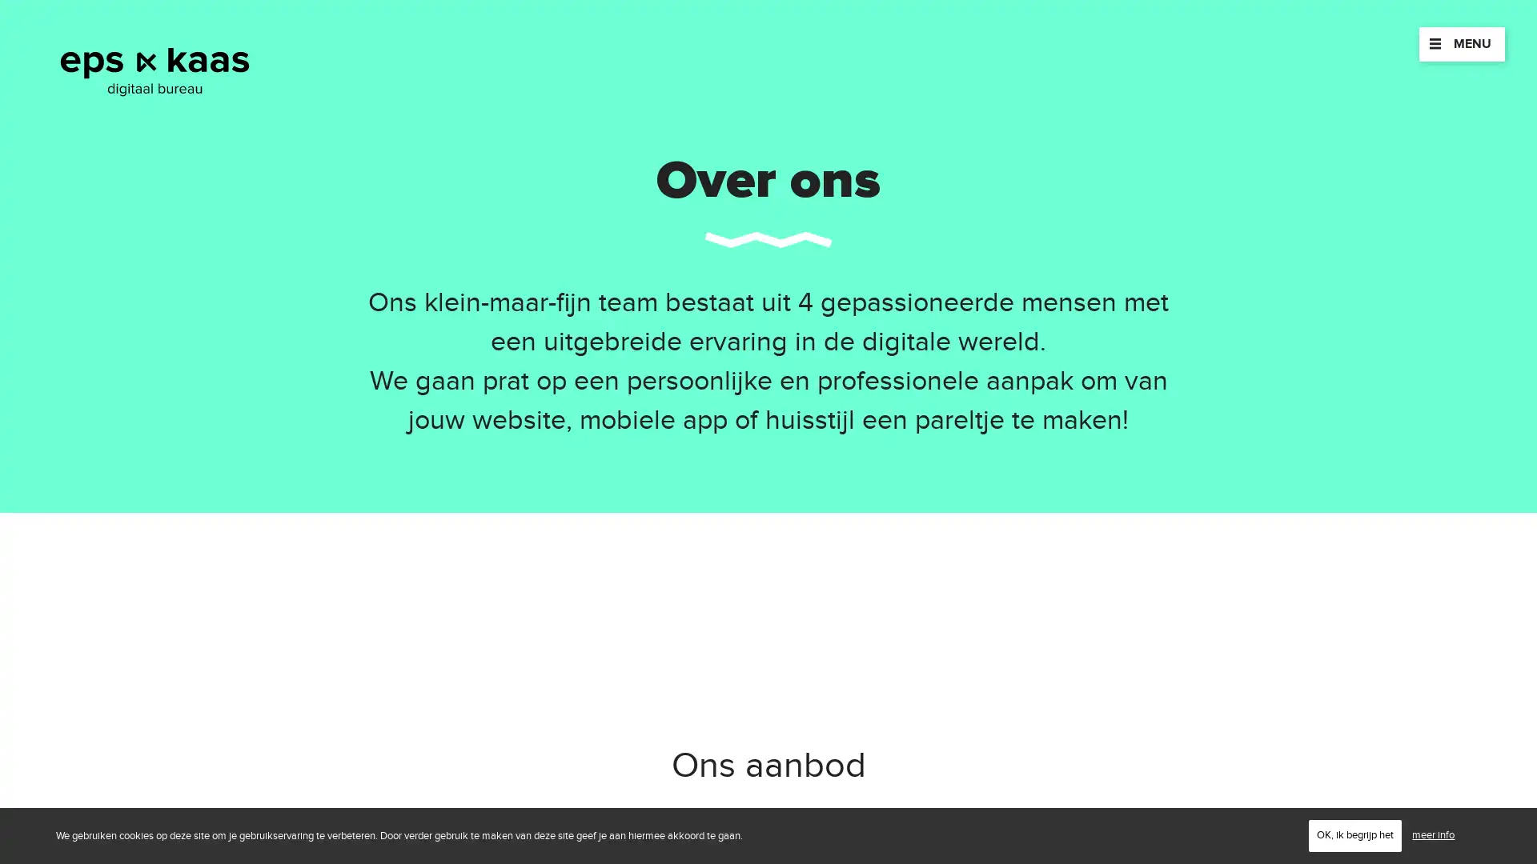 The width and height of the screenshot is (1537, 864). I want to click on OK, ik begrijp het, so click(1354, 834).